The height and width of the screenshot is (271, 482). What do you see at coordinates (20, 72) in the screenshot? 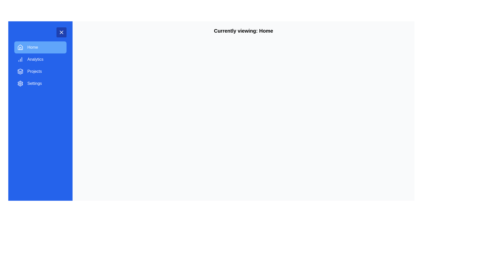
I see `the 'Projects' submenu icon located on the left side of the sidebar navigation` at bounding box center [20, 72].